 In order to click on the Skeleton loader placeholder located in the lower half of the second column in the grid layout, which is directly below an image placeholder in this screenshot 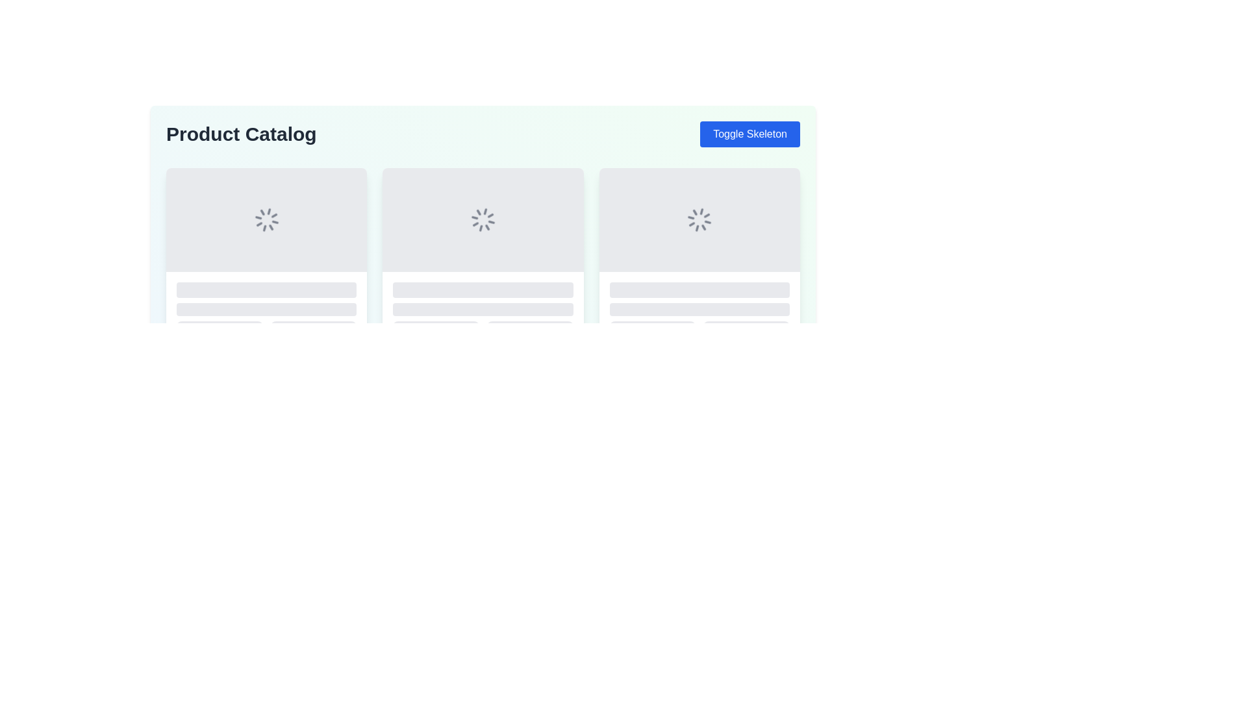, I will do `click(314, 325)`.